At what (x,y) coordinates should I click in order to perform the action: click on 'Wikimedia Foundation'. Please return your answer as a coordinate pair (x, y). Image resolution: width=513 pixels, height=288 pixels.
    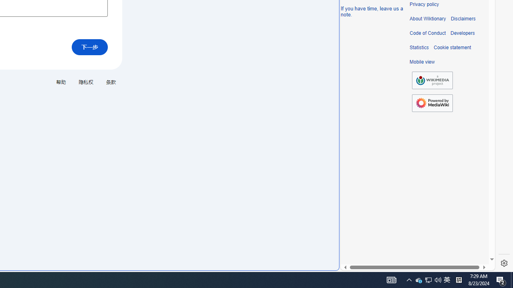
    Looking at the image, I should click on (432, 80).